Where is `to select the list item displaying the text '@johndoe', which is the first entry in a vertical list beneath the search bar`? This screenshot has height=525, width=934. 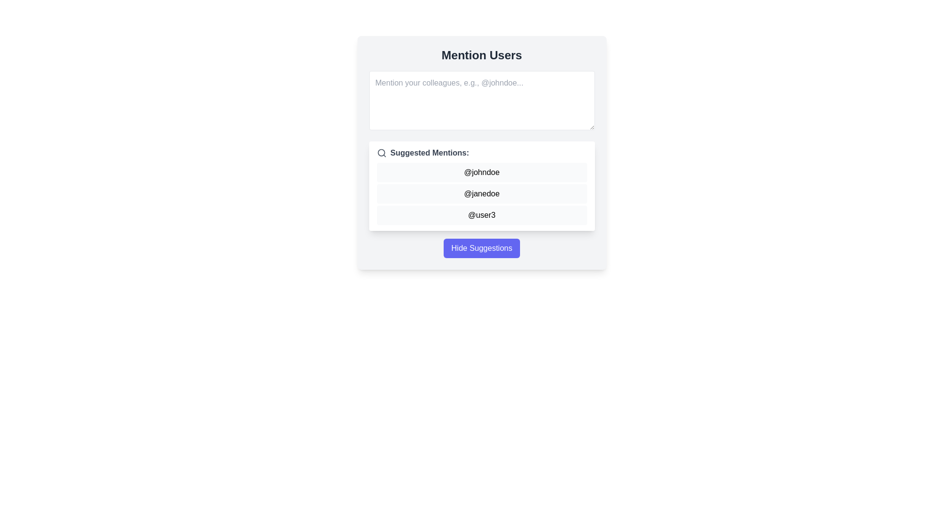
to select the list item displaying the text '@johndoe', which is the first entry in a vertical list beneath the search bar is located at coordinates (482, 172).